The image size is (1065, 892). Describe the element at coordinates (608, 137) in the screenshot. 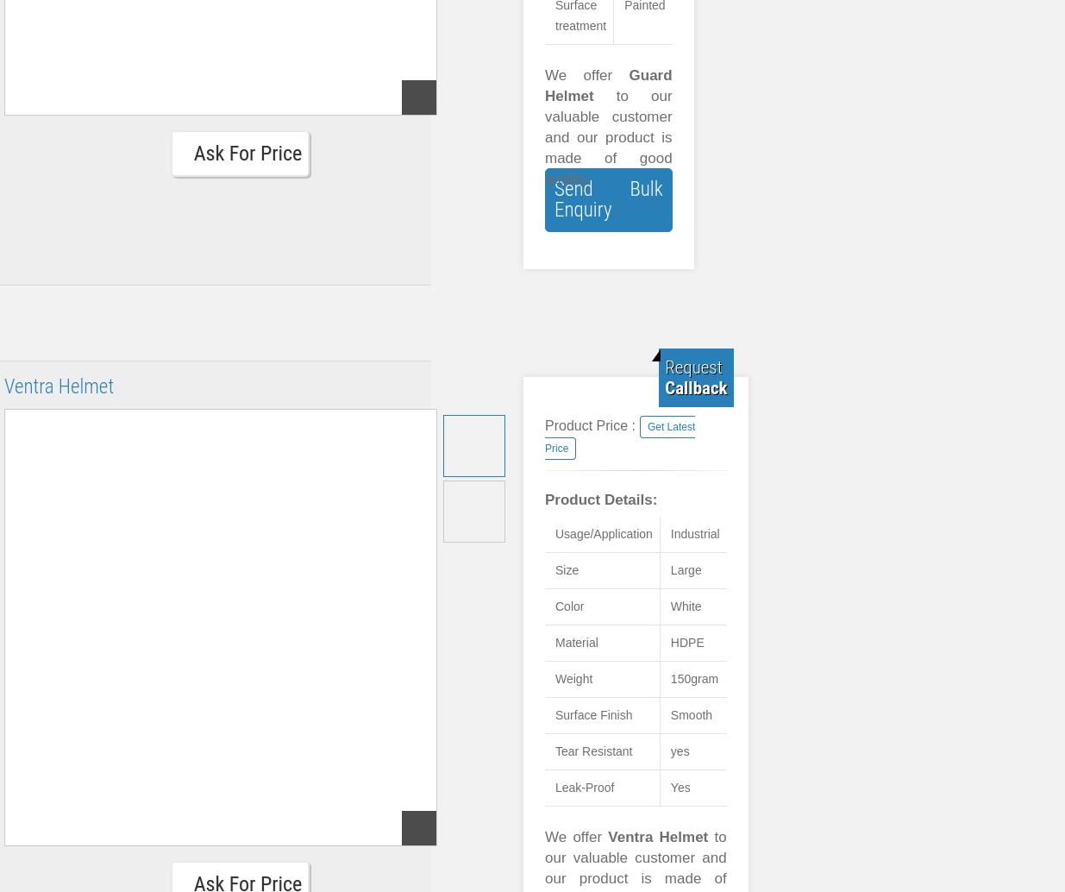

I see `'to our valuable customer and our product is made of good quality.'` at that location.